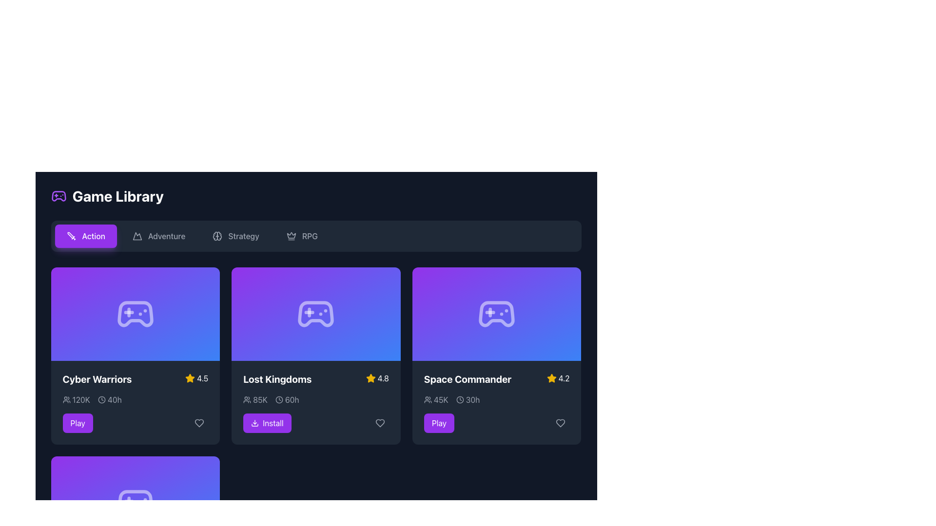 The height and width of the screenshot is (526, 936). I want to click on information displayed in the static text element showing '40 hours' for the game 'Cyber Warriors', located below the title and next to the clock icon, so click(110, 400).